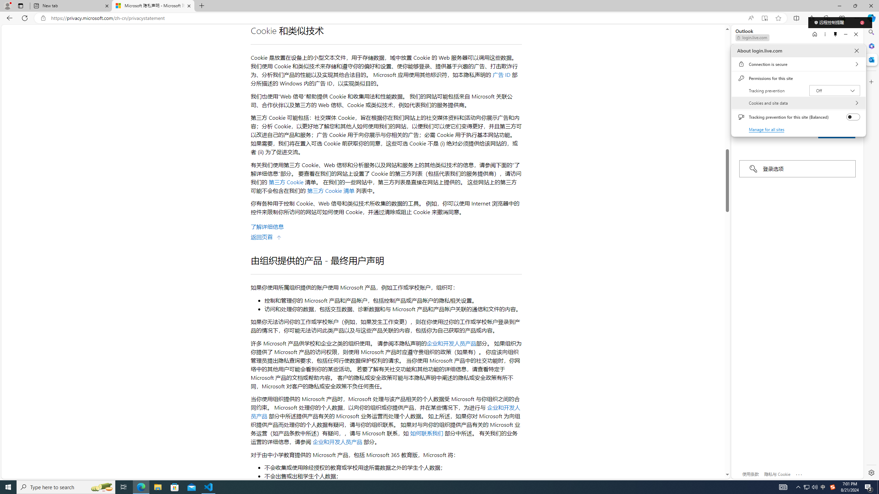 This screenshot has height=494, width=879. What do you see at coordinates (814, 486) in the screenshot?
I see `'Q2790: 100%'` at bounding box center [814, 486].